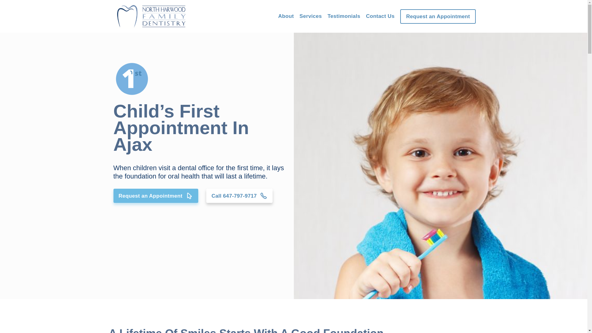 The image size is (592, 333). I want to click on 'Testimonials', so click(343, 16).